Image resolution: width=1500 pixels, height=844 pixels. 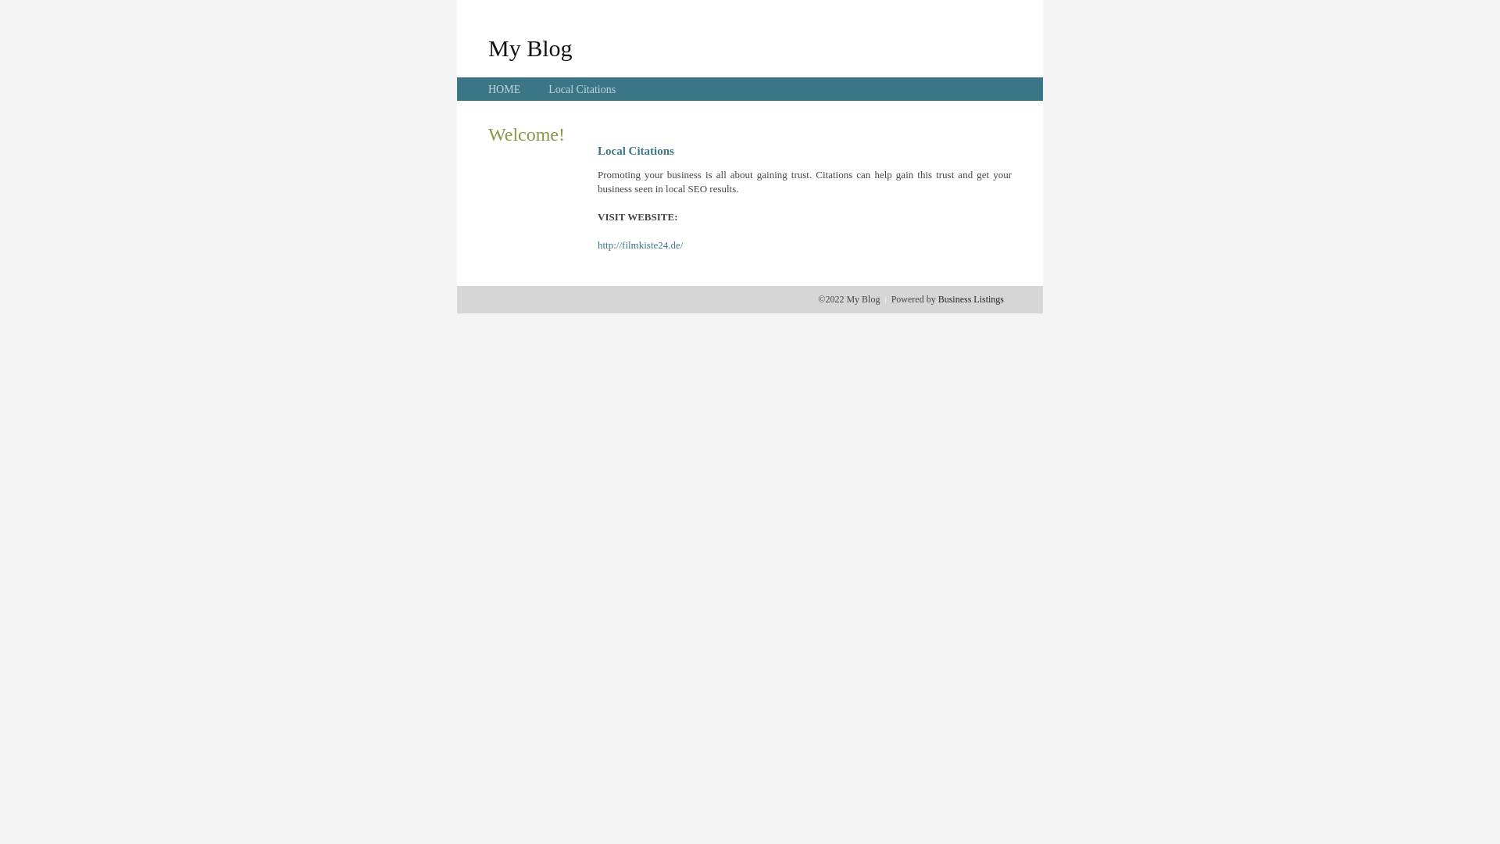 I want to click on 'HOME', so click(x=504, y=89).